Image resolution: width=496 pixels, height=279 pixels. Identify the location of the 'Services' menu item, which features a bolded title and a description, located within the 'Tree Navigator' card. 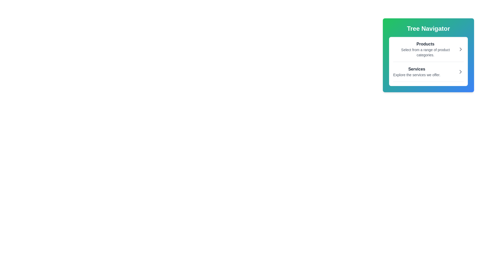
(428, 74).